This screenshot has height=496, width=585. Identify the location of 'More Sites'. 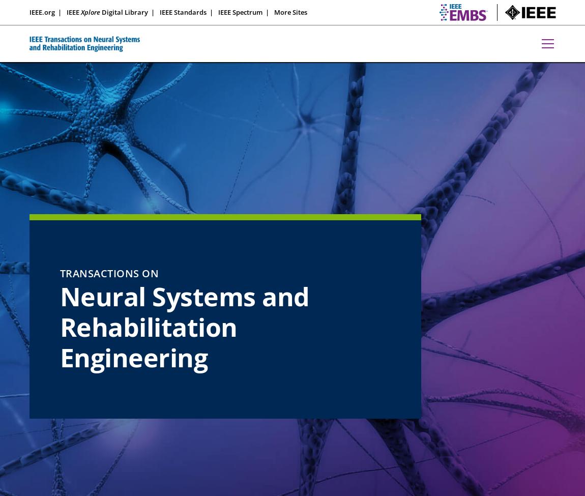
(290, 12).